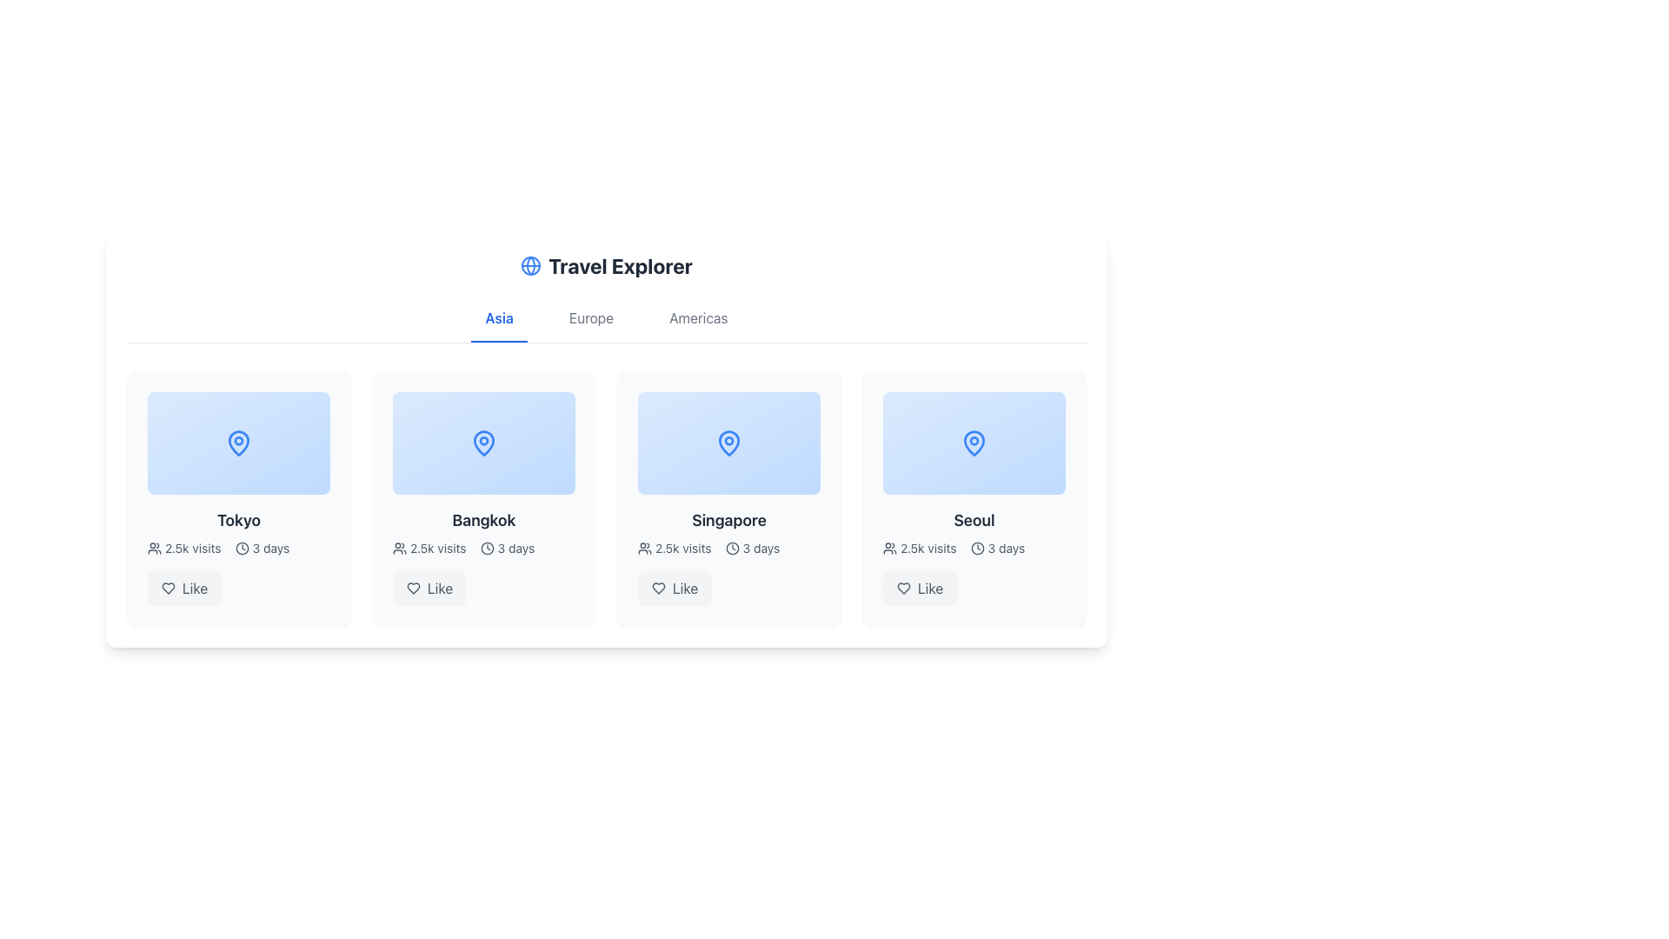 Image resolution: width=1669 pixels, height=939 pixels. Describe the element at coordinates (919, 588) in the screenshot. I see `the 'Like' button with an outlined heart icon located at the bottom right of the 'Seoul' card` at that location.